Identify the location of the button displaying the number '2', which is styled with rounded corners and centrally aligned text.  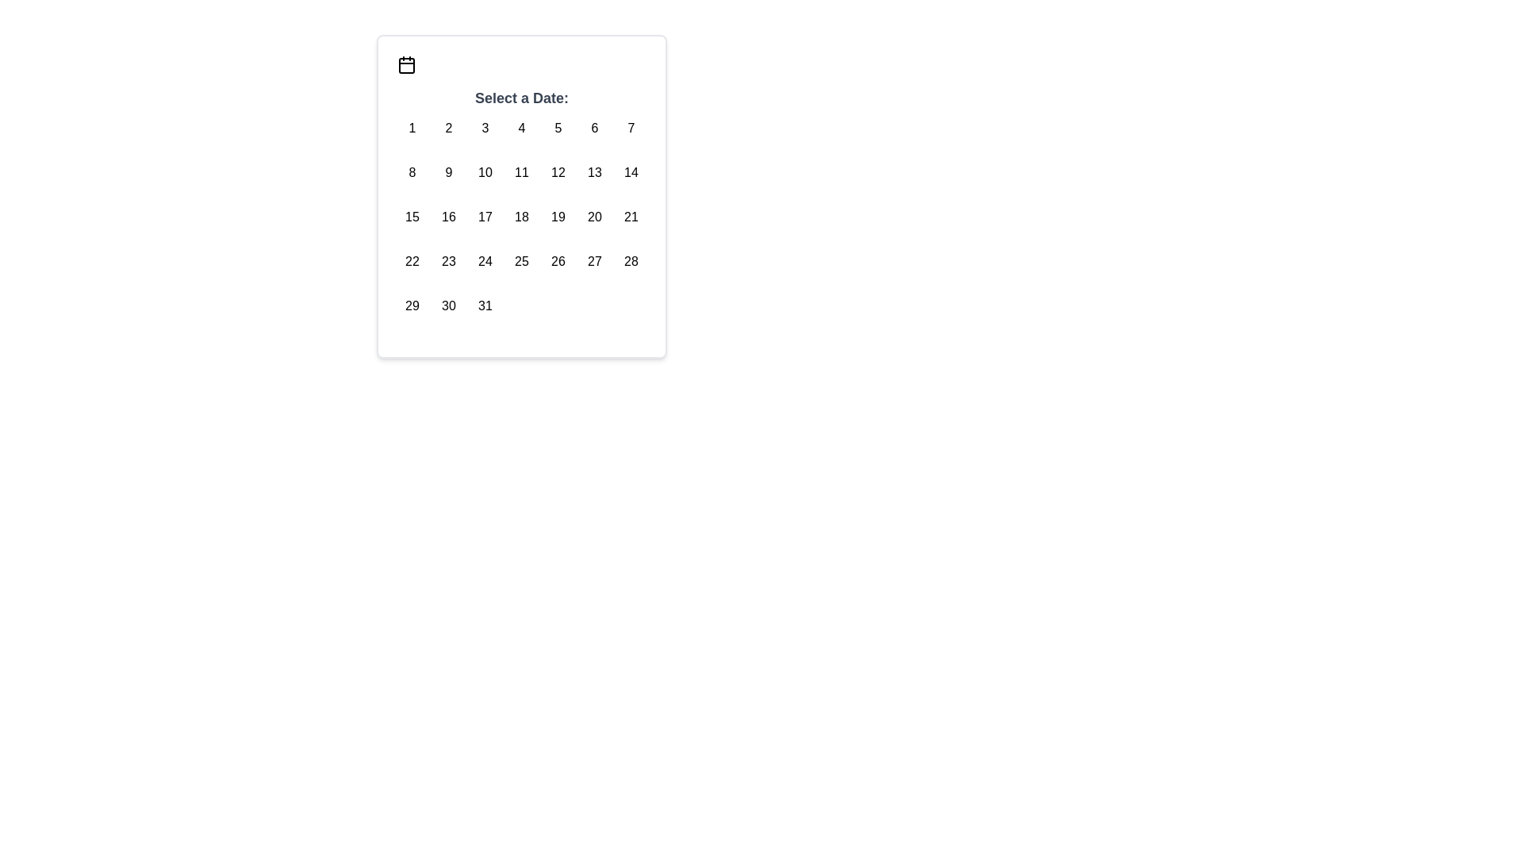
(448, 128).